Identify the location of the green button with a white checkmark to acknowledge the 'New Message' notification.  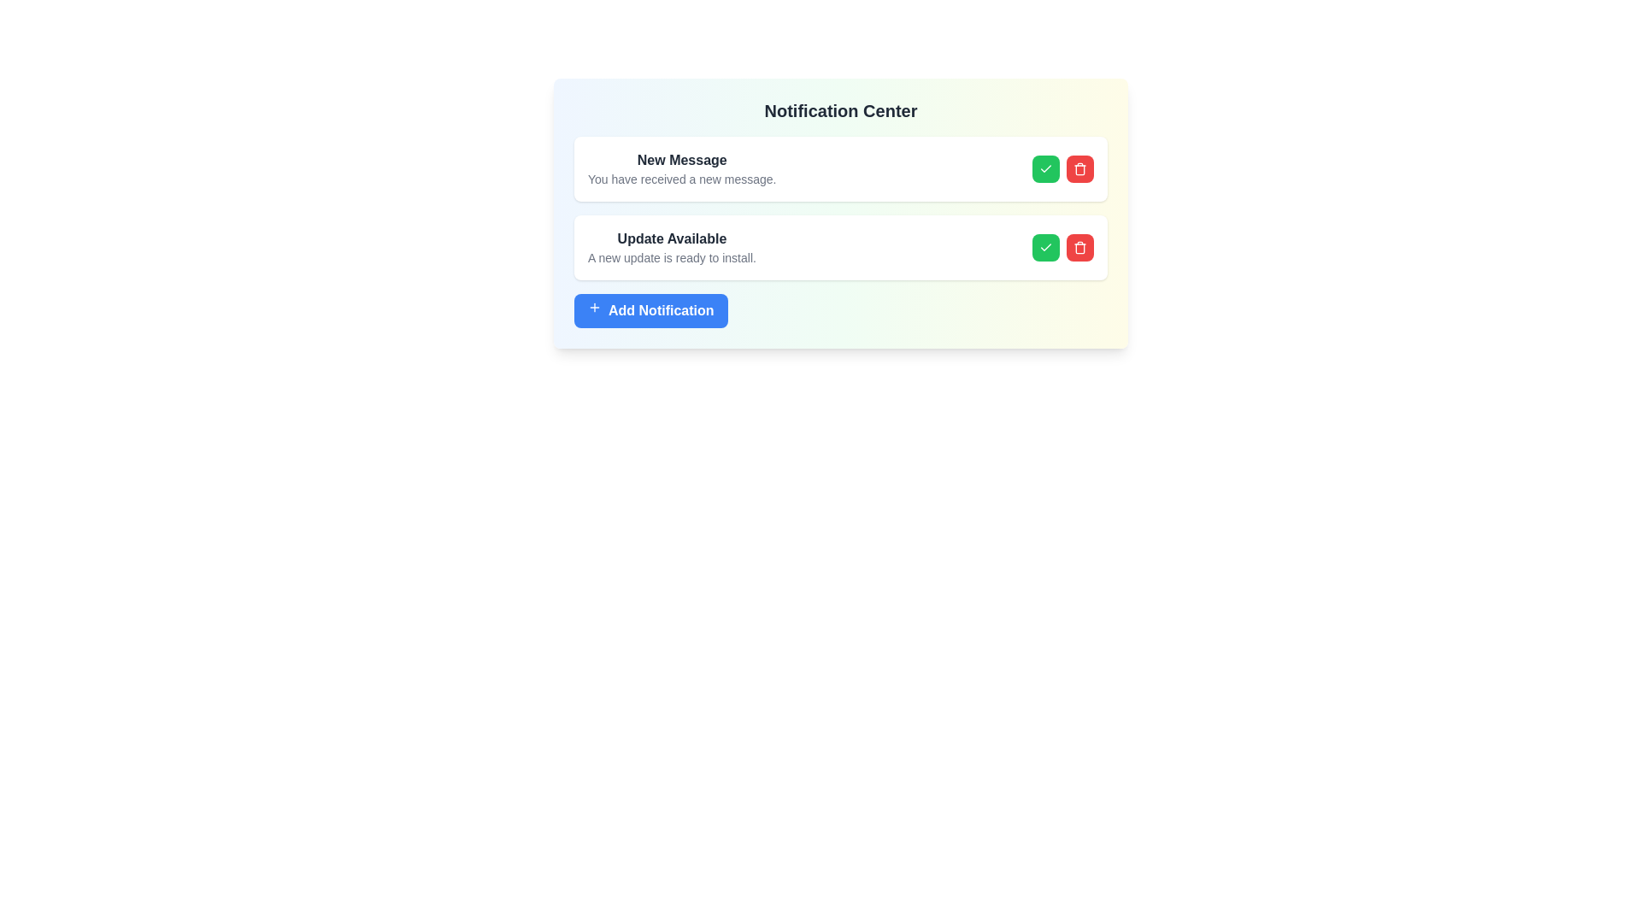
(1045, 168).